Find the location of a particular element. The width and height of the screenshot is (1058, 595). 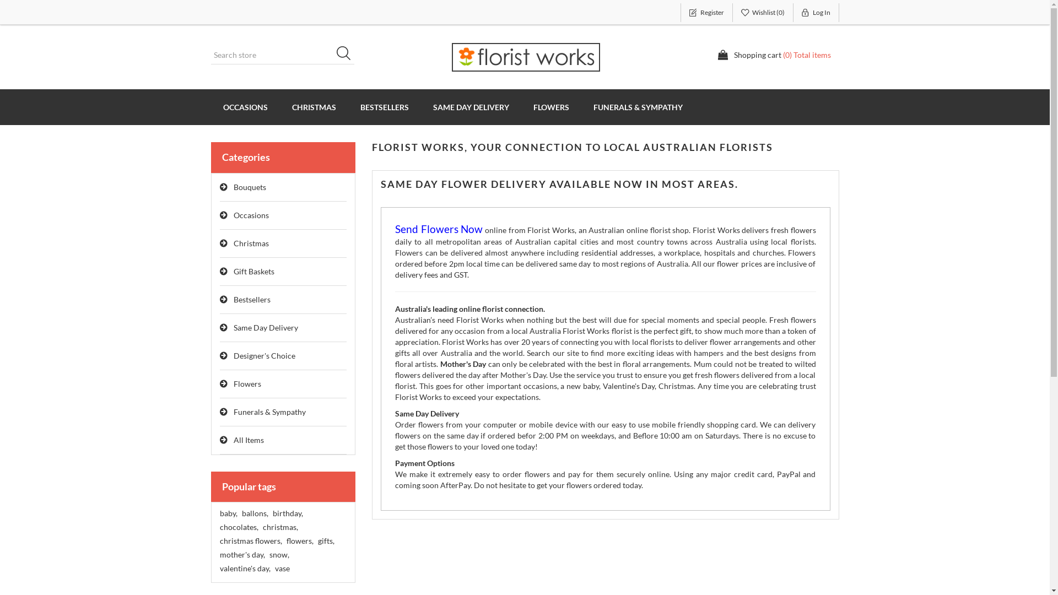

'Same Day Delivery' is located at coordinates (283, 327).